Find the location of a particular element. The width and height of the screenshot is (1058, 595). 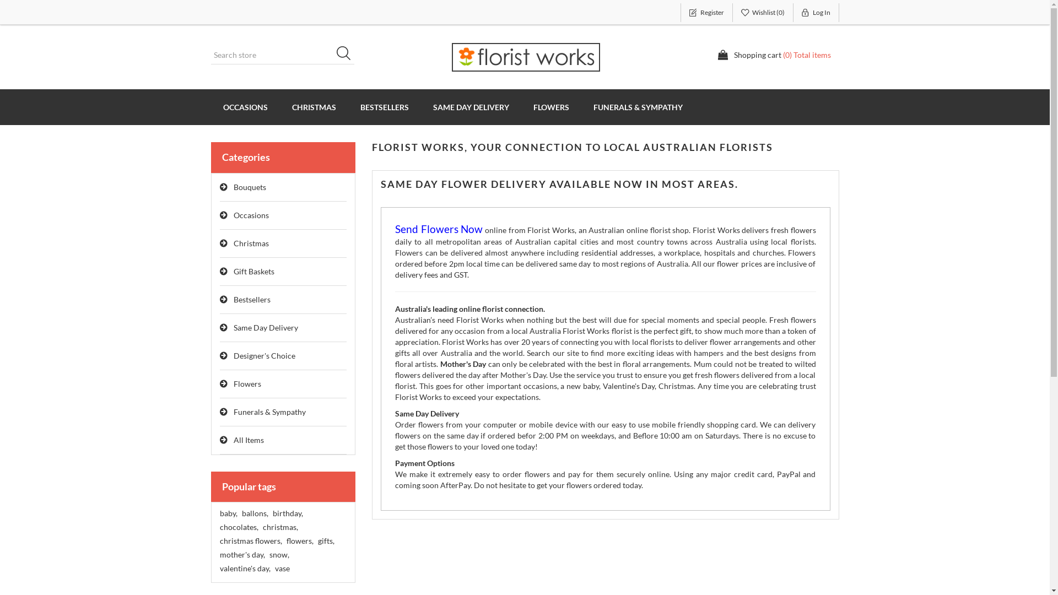

'Same Day Delivery' is located at coordinates (283, 327).